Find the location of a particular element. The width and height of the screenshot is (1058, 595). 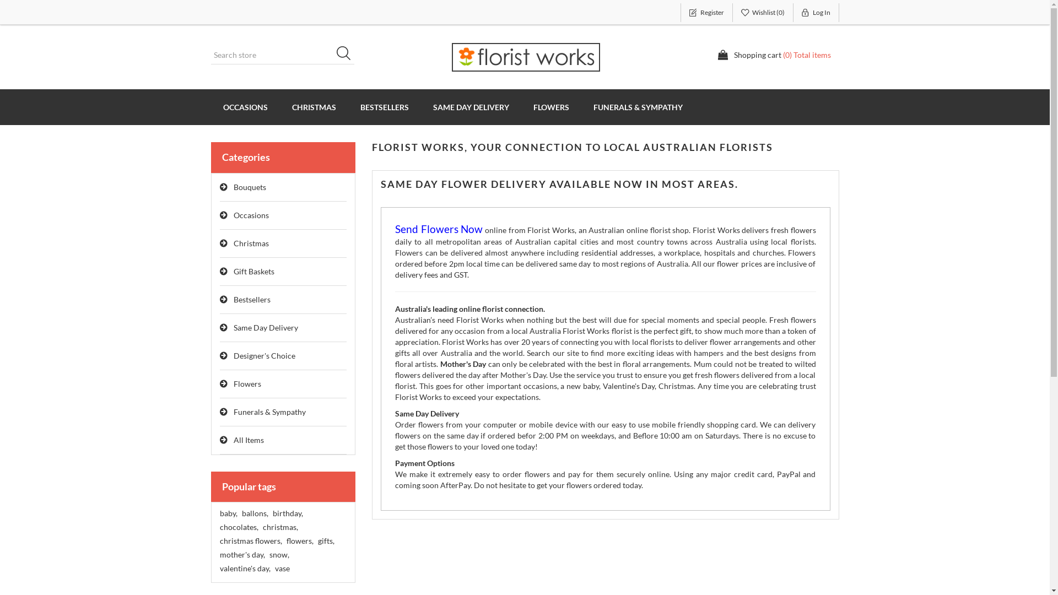

'Same Day Delivery' is located at coordinates (283, 327).